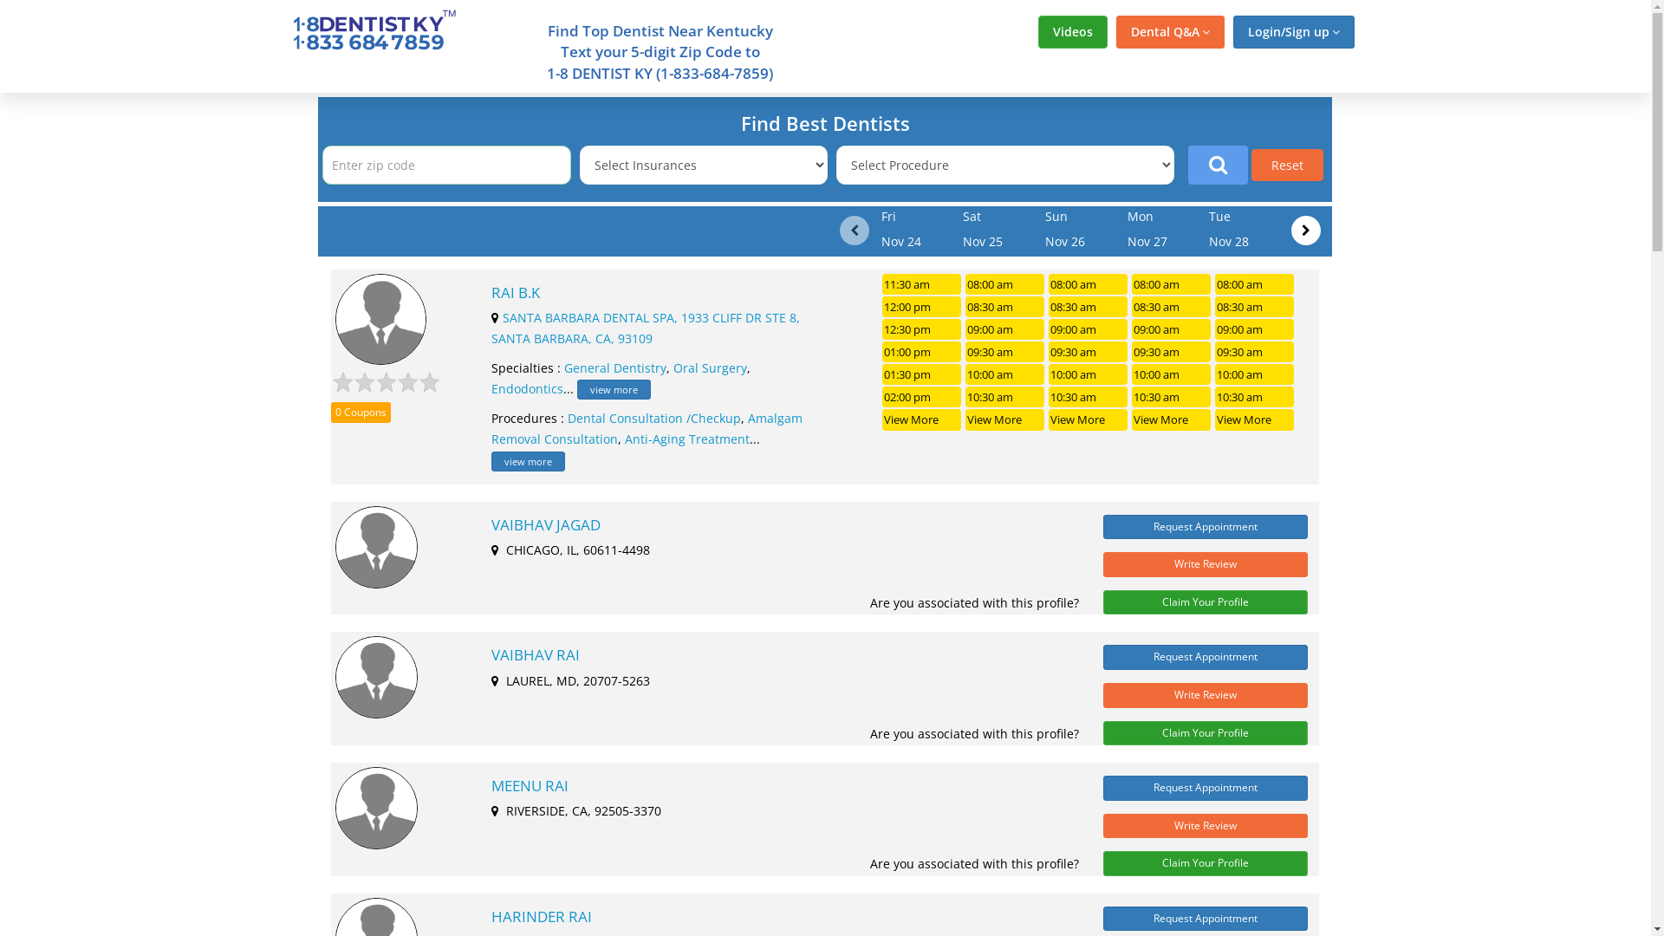 Image resolution: width=1664 pixels, height=936 pixels. Describe the element at coordinates (1170, 32) in the screenshot. I see `'Dental Q&A'` at that location.